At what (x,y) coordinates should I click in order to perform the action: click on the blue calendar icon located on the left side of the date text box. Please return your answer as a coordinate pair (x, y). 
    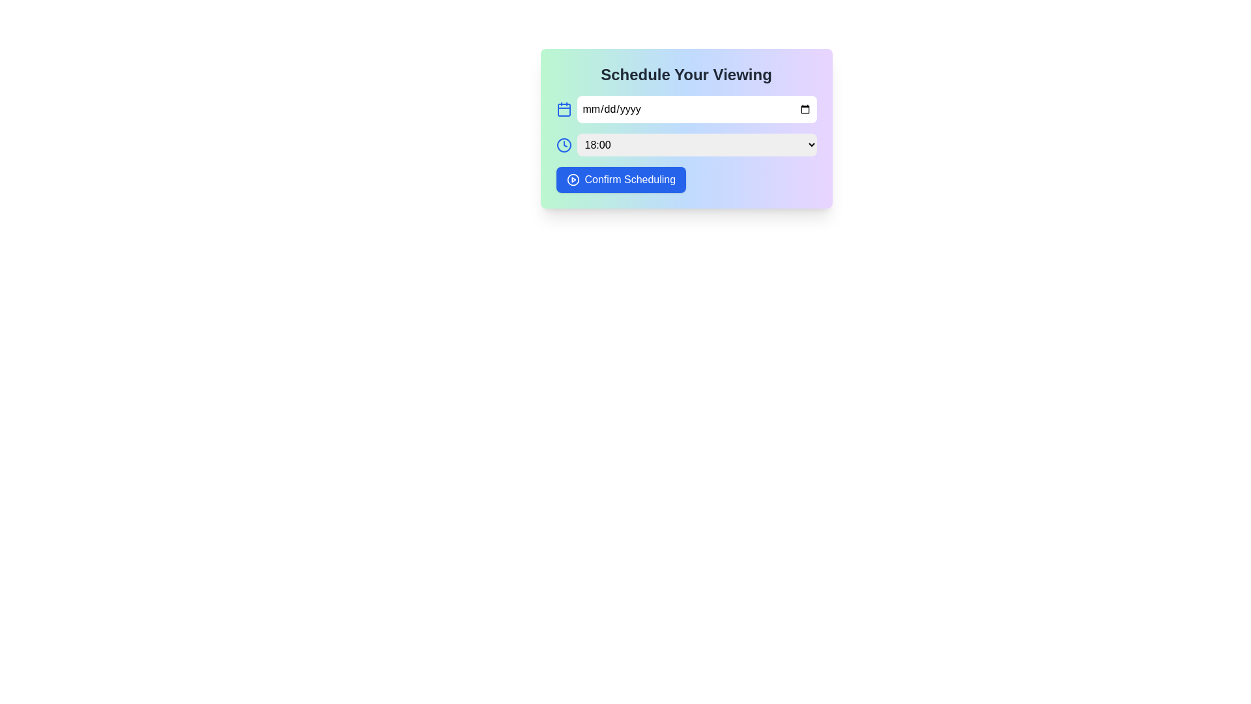
    Looking at the image, I should click on (564, 109).